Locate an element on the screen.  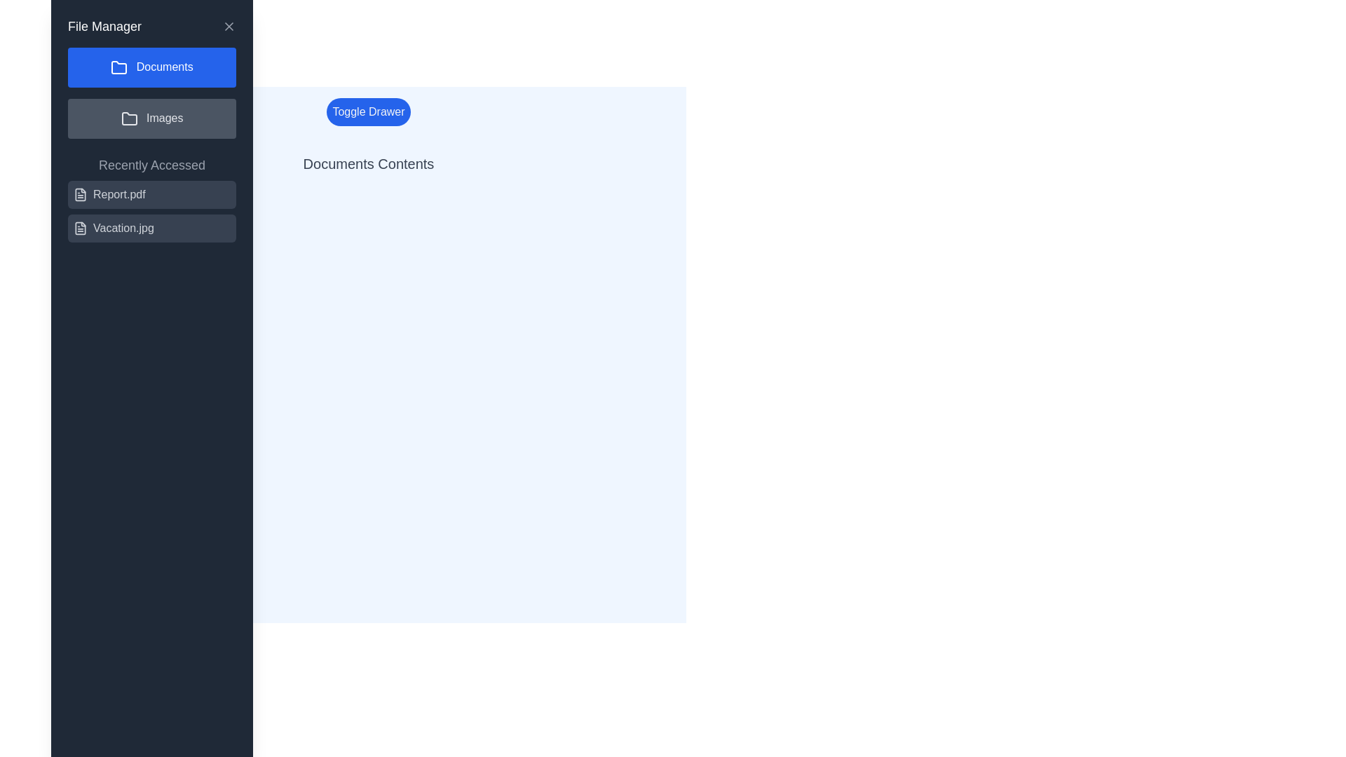
SVG element representing the 'Report.pdf' file icon, which is a document file icon with a folded corner, located in the 'Recently Accessed' section of the 'File Manager' panel is located at coordinates (80, 194).